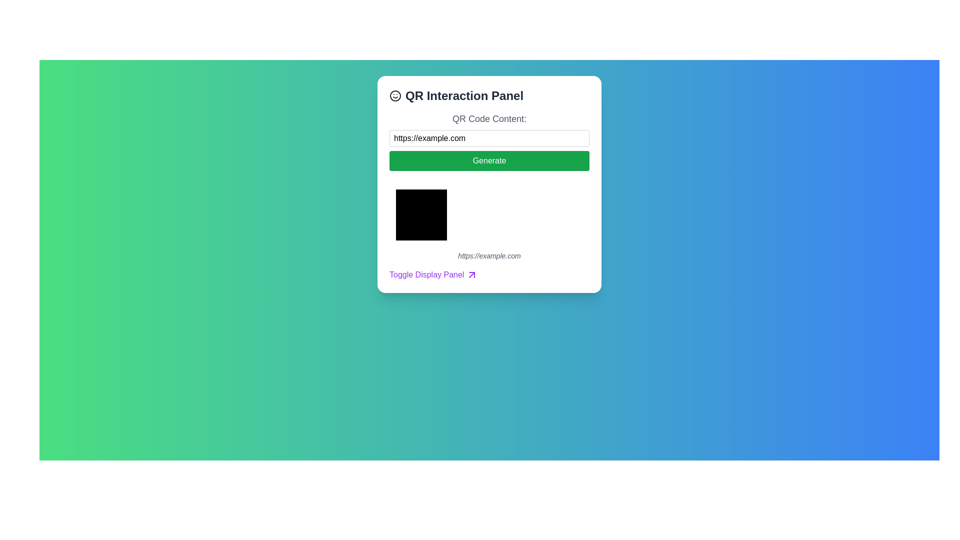  What do you see at coordinates (395, 96) in the screenshot?
I see `the SVG circle element that serves as the outer boundary of the smiley face icon in the QR Interaction Panel` at bounding box center [395, 96].